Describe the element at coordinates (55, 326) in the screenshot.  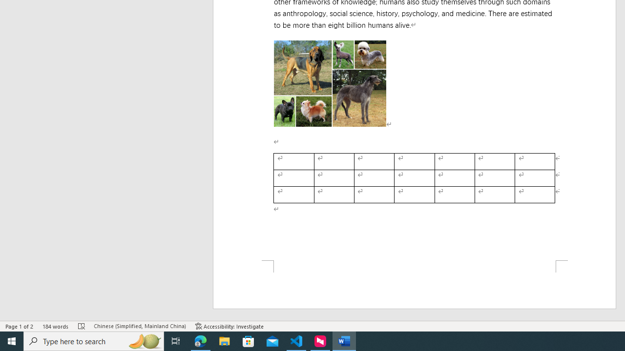
I see `'Word Count 184 words'` at that location.